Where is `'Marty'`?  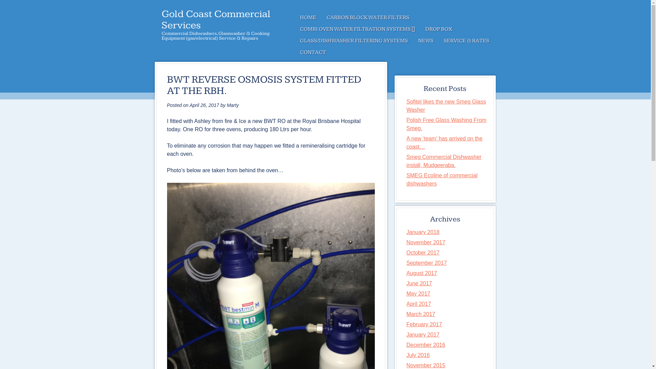
'Marty' is located at coordinates (233, 105).